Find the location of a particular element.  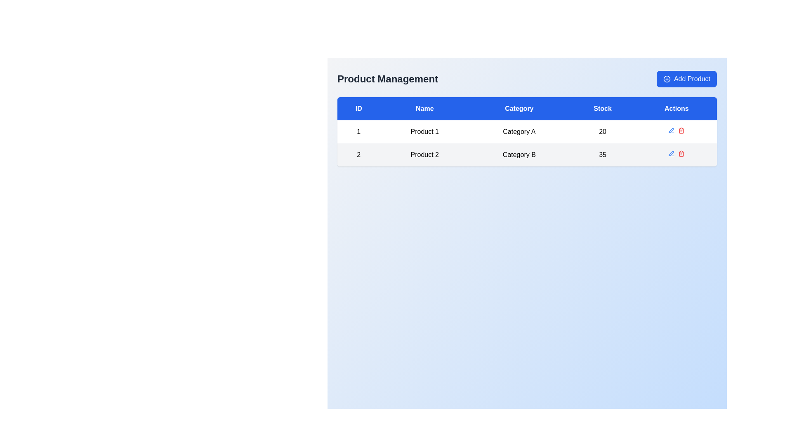

the icon representing the 'Add Product' function, located on the left side of the 'Add Product' button at the top-right corner of the layout is located at coordinates (667, 79).